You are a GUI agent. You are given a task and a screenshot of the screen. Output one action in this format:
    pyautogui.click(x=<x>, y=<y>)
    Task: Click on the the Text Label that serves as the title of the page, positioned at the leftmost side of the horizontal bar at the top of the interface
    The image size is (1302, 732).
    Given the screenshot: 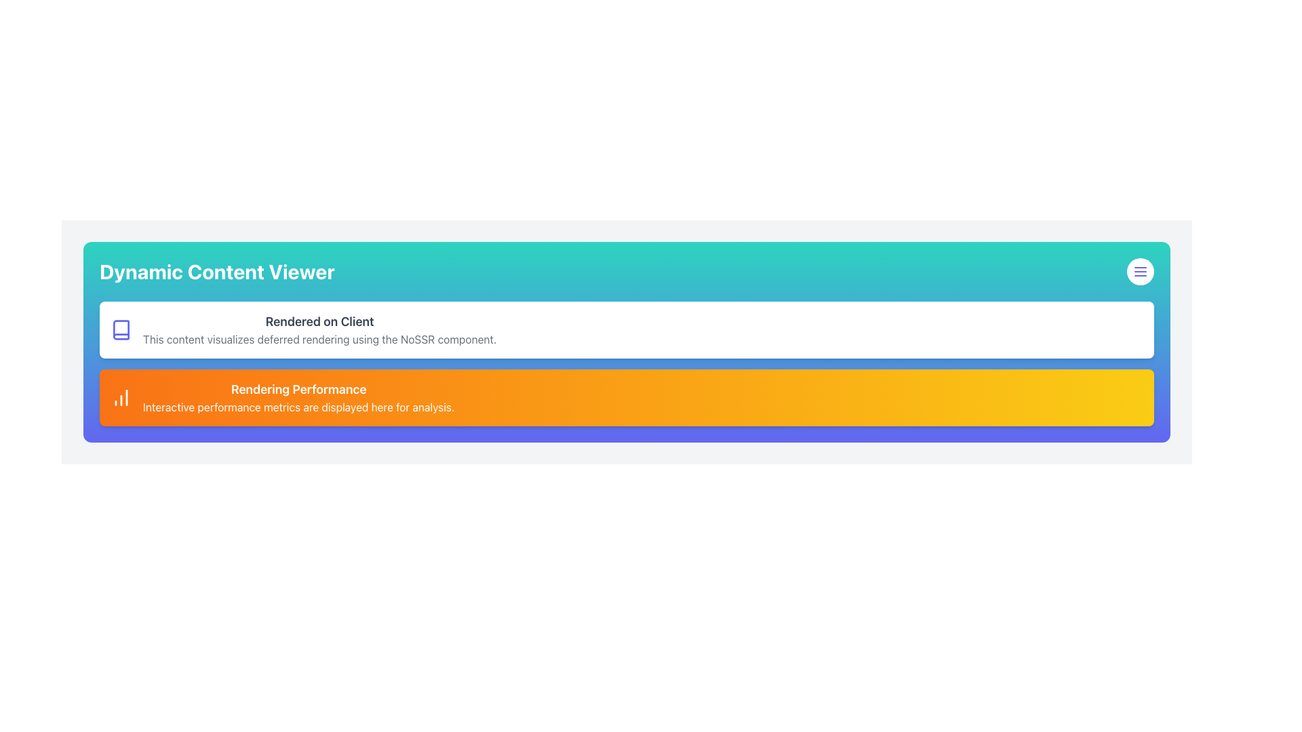 What is the action you would take?
    pyautogui.click(x=217, y=272)
    